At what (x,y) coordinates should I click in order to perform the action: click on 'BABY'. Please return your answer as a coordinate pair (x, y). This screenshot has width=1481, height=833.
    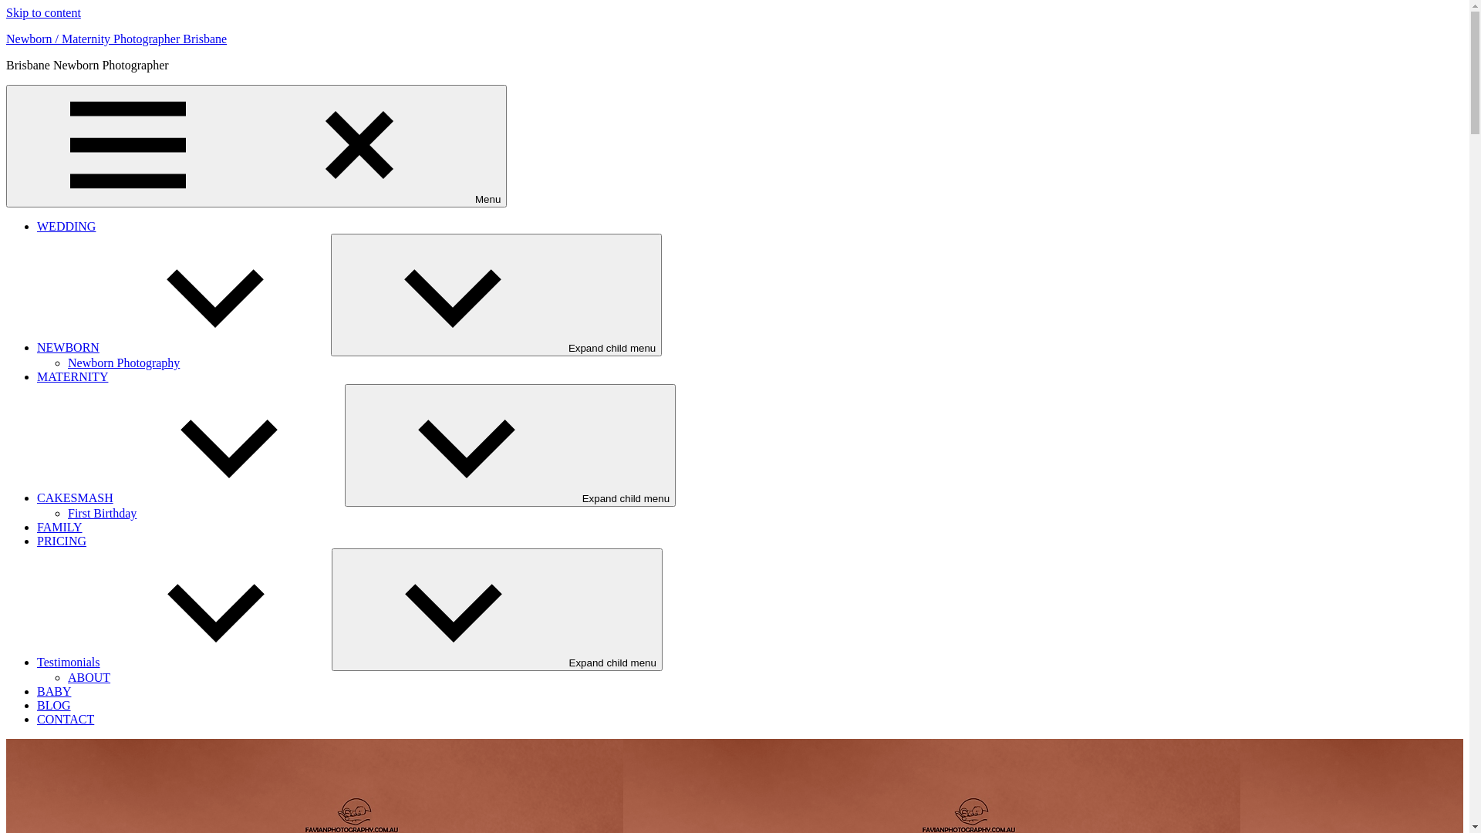
    Looking at the image, I should click on (54, 690).